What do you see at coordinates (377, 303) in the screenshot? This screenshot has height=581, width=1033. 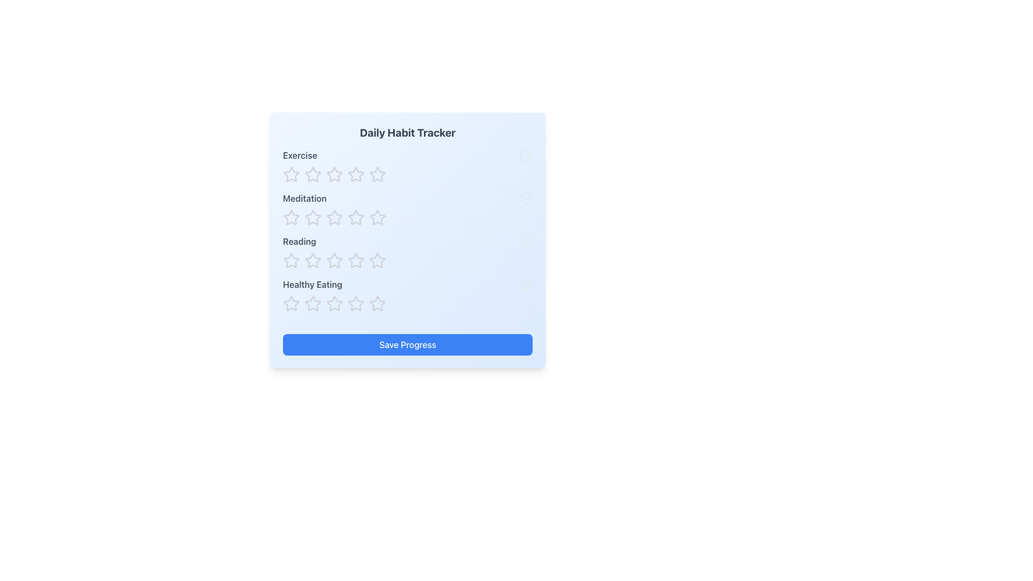 I see `the fifth star in the rating system for 'Healthy Eating'` at bounding box center [377, 303].